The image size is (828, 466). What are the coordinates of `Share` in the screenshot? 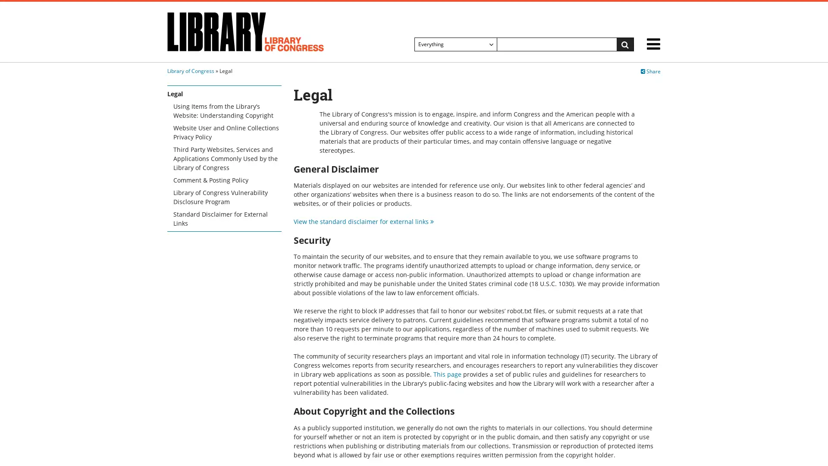 It's located at (650, 71).